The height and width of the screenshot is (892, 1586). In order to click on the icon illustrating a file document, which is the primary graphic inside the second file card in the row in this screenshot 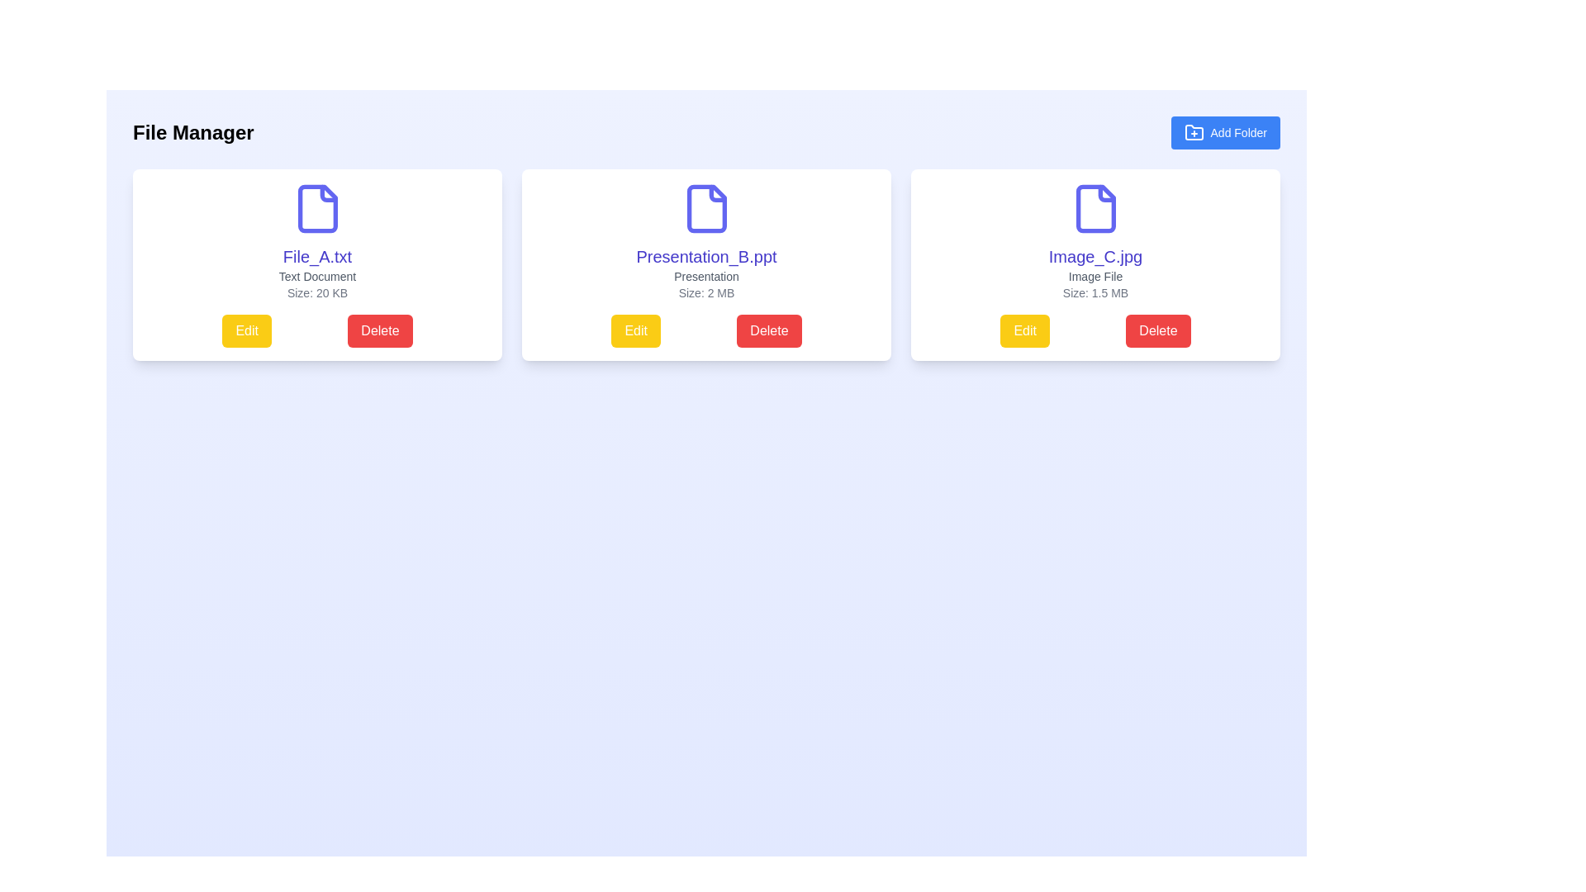, I will do `click(706, 208)`.